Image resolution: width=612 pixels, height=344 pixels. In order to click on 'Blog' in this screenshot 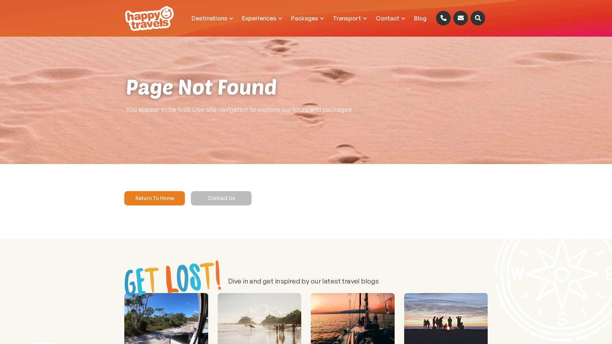, I will do `click(420, 18)`.